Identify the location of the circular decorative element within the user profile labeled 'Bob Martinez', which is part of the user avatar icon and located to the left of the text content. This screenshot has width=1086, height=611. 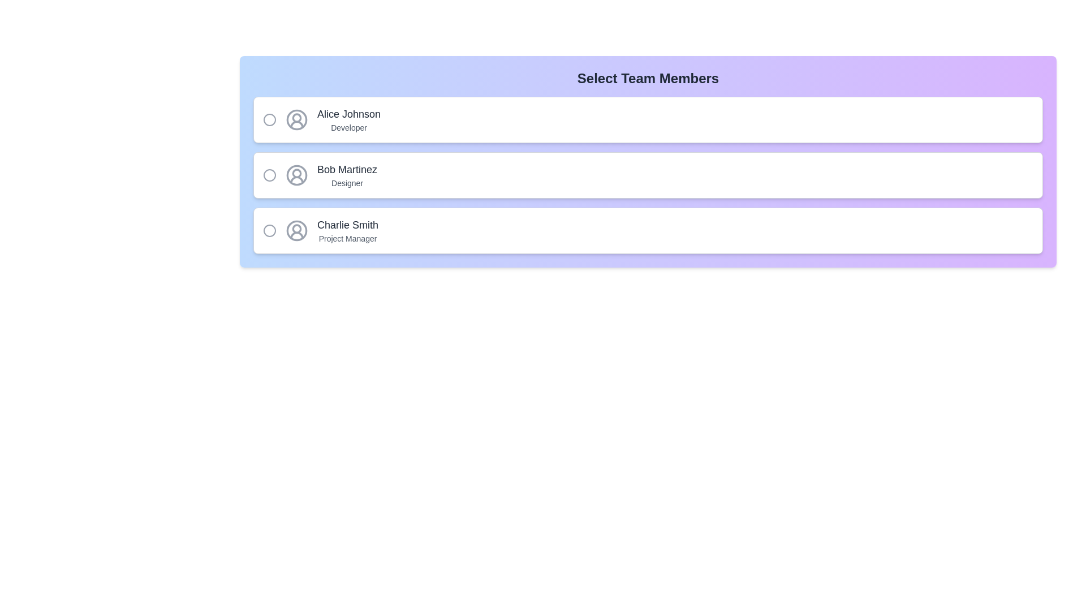
(296, 173).